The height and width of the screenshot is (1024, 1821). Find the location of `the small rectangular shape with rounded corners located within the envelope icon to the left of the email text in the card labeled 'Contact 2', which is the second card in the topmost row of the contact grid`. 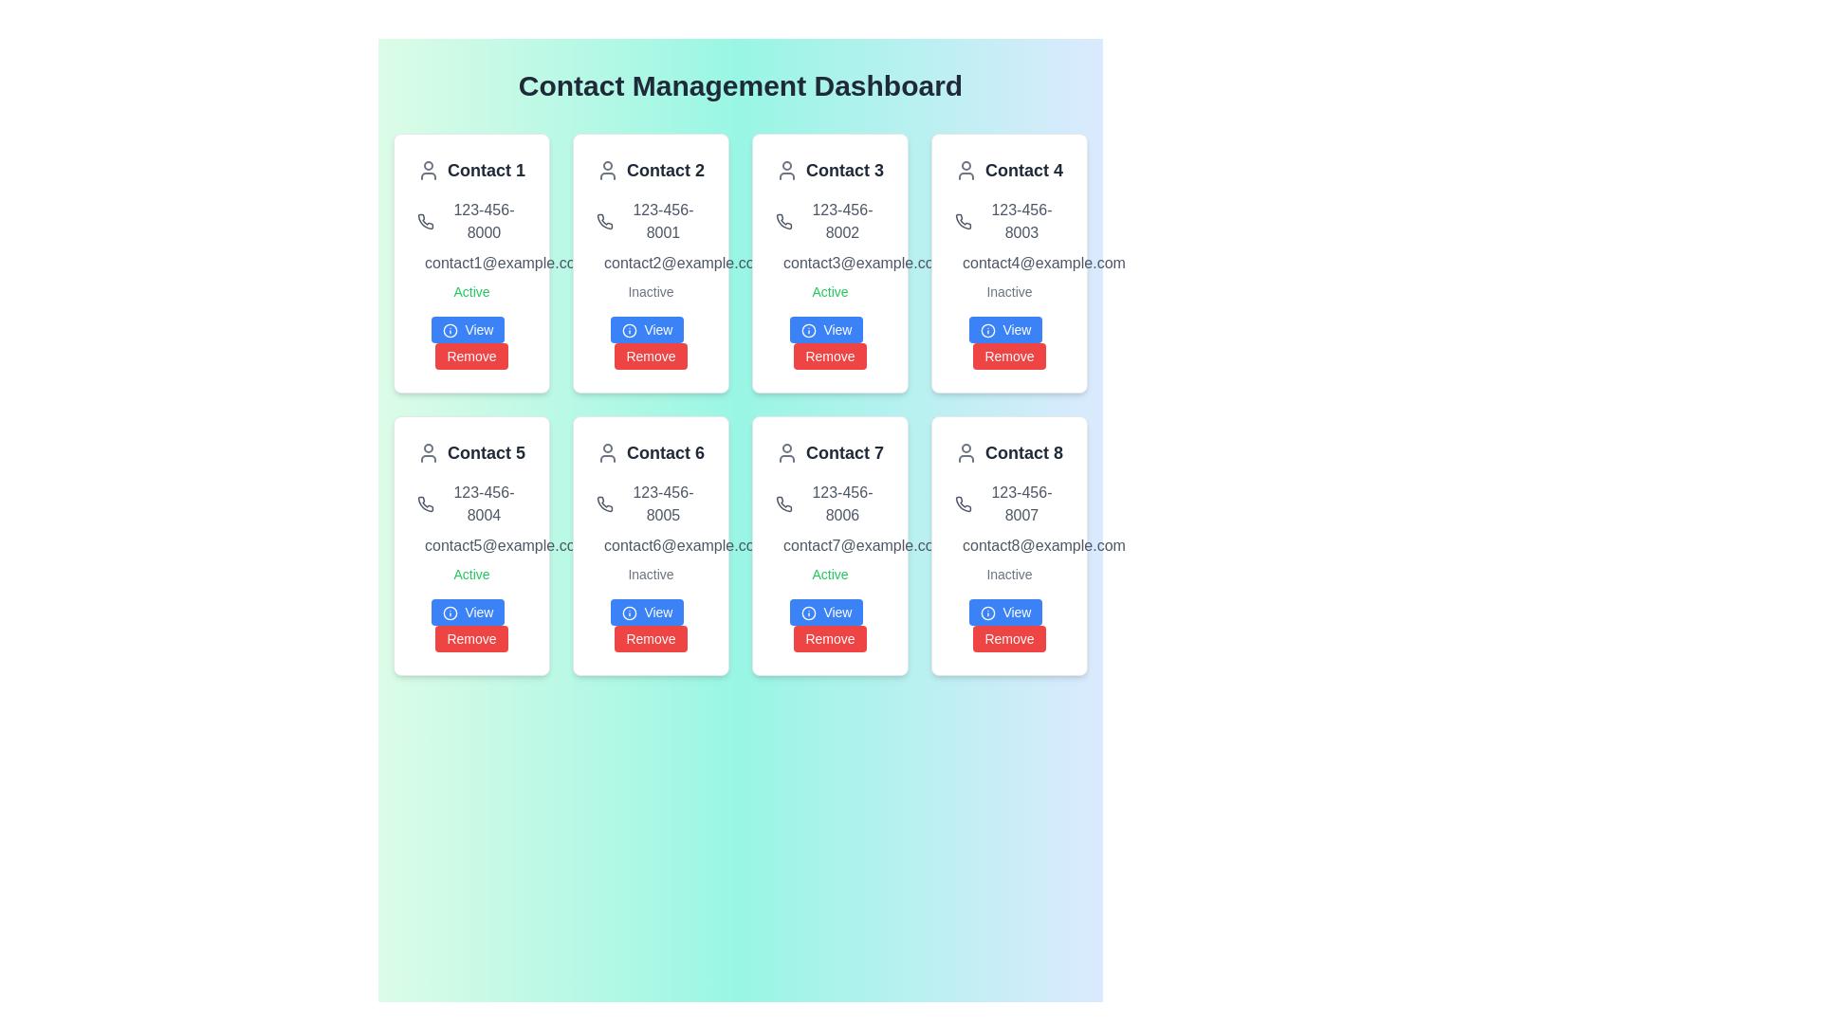

the small rectangular shape with rounded corners located within the envelope icon to the left of the email text in the card labeled 'Contact 2', which is the second card in the topmost row of the contact grid is located at coordinates (608, 265).